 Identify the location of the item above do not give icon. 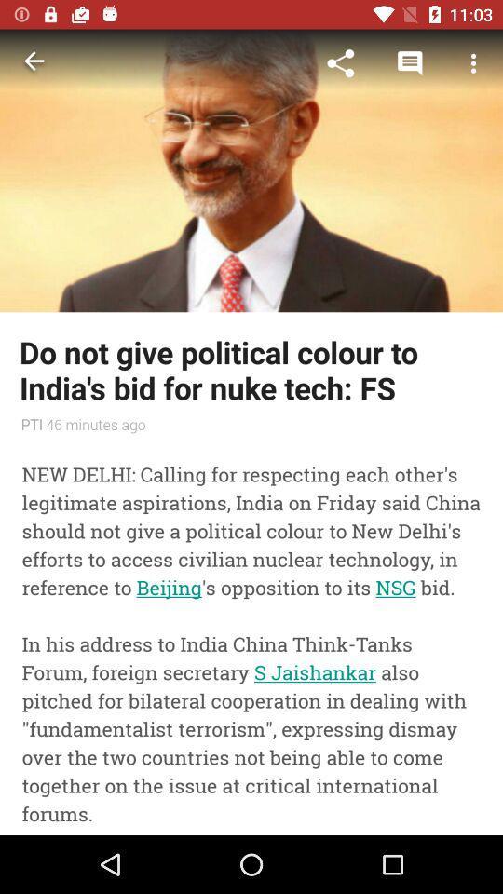
(473, 63).